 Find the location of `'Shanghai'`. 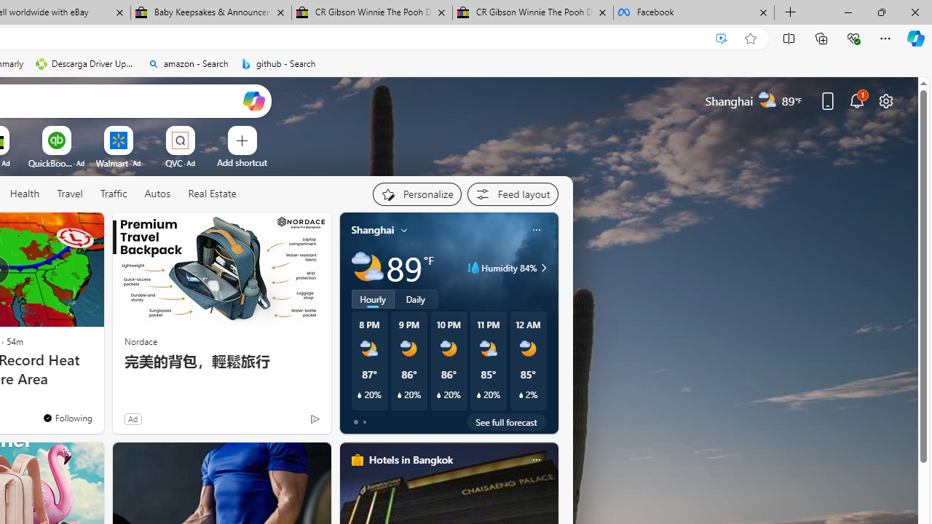

'Shanghai' is located at coordinates (373, 229).